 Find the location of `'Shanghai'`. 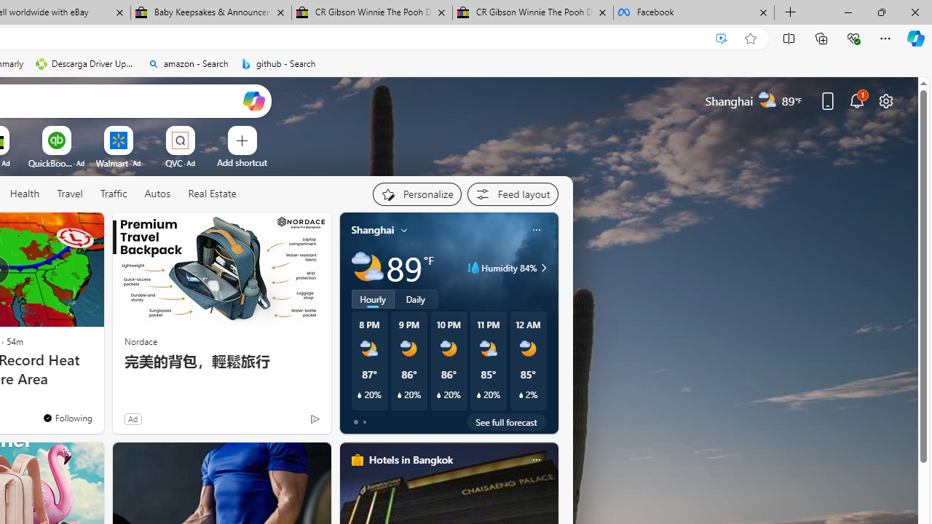

'Shanghai' is located at coordinates (373, 229).